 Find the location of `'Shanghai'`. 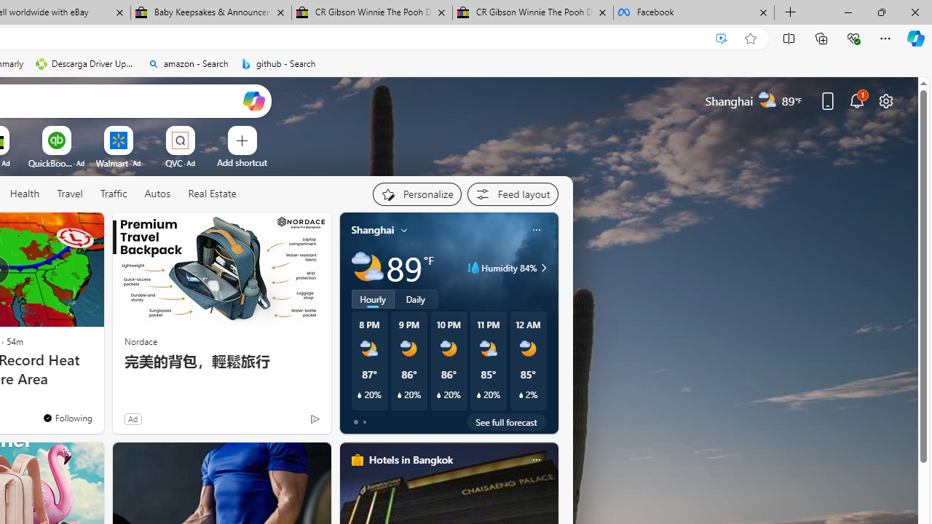

'Shanghai' is located at coordinates (373, 229).